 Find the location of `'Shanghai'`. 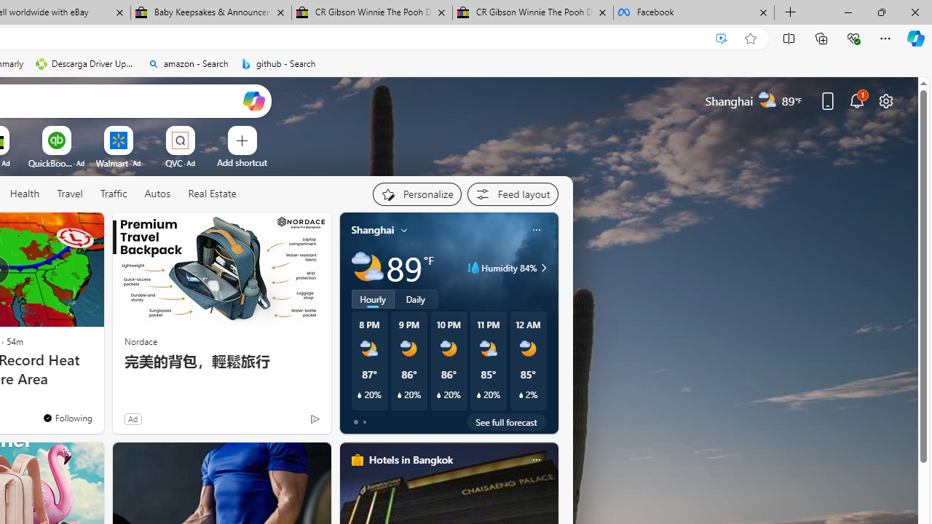

'Shanghai' is located at coordinates (373, 229).